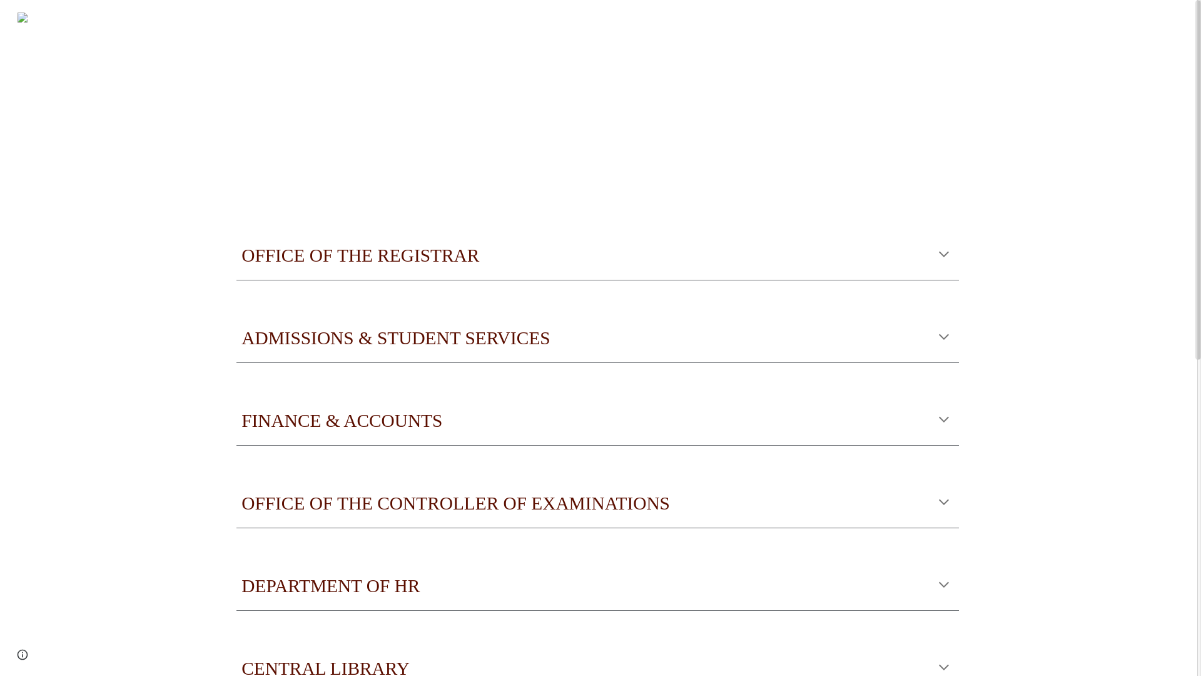  I want to click on 'VIRTUAL', so click(56, 16).